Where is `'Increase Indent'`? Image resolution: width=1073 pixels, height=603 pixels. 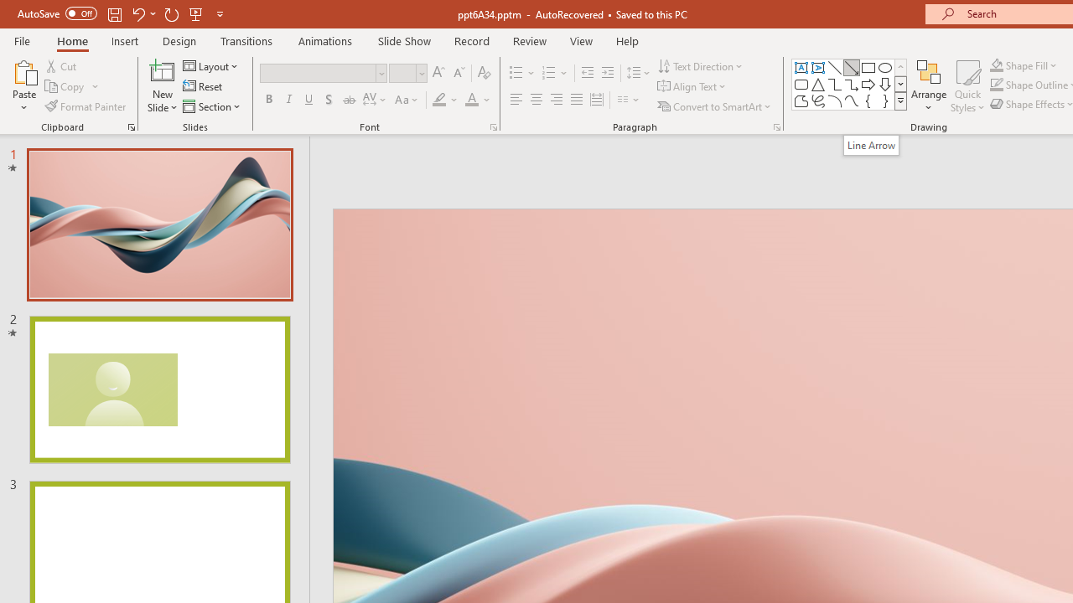 'Increase Indent' is located at coordinates (607, 72).